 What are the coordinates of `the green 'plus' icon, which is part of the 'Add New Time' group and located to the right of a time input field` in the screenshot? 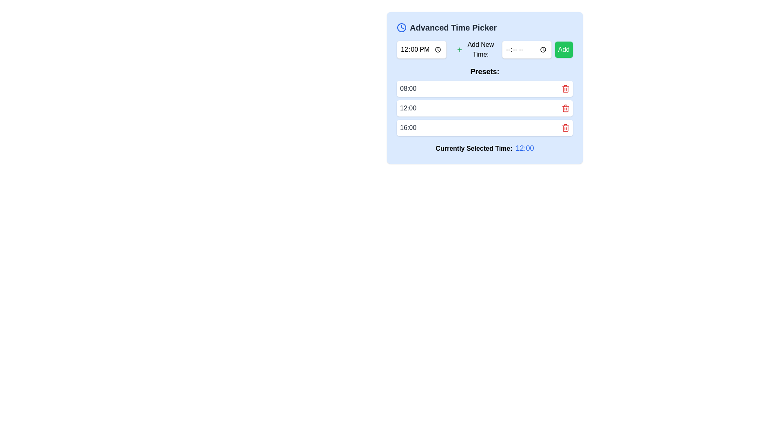 It's located at (459, 50).